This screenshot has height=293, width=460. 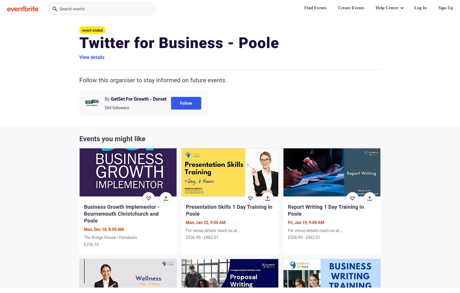 I want to click on '264', so click(x=108, y=107).